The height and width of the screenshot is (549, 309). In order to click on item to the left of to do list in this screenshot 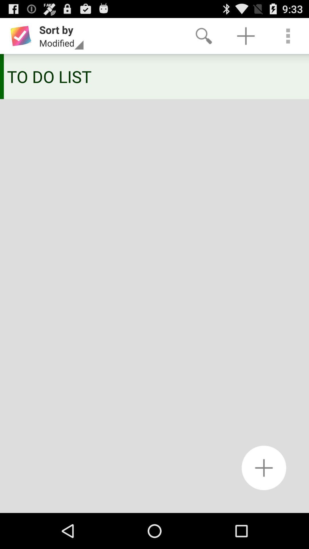, I will do `click(2, 76)`.